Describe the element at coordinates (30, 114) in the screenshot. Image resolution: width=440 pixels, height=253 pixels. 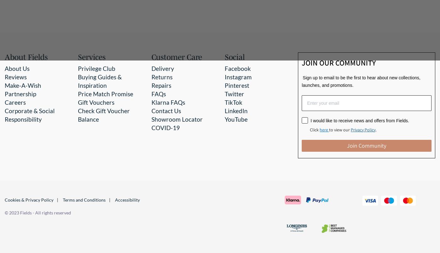
I see `'Corporate & Social Responsibility'` at that location.